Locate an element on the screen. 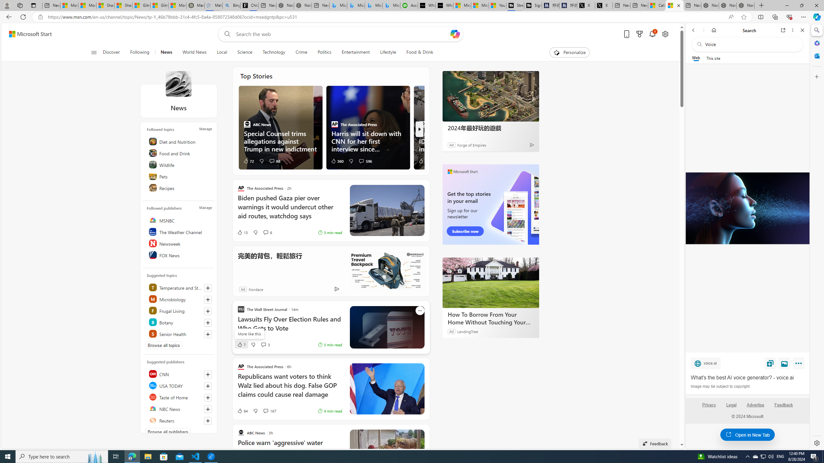 The width and height of the screenshot is (824, 463). 'Nordace Siena Pro 15 Backpack' is located at coordinates (727, 5).